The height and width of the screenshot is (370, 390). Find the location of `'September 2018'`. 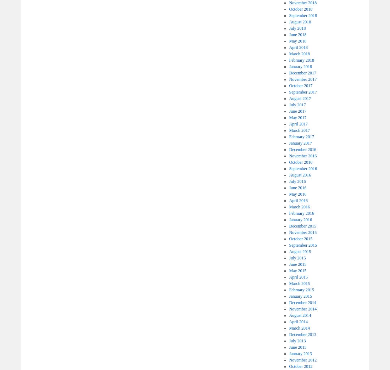

'September 2018' is located at coordinates (302, 15).